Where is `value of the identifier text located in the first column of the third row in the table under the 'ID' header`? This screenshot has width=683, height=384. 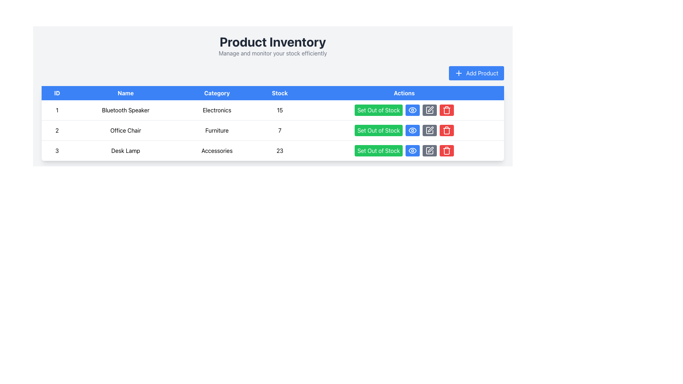
value of the identifier text located in the first column of the third row in the table under the 'ID' header is located at coordinates (57, 150).